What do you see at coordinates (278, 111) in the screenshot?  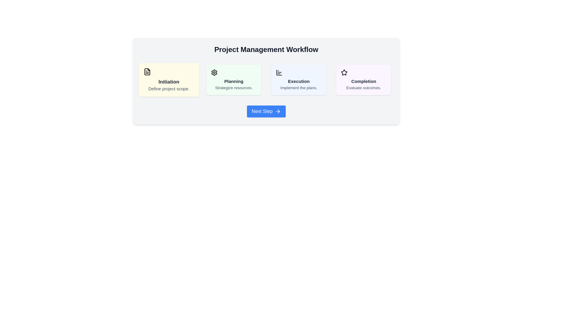 I see `the forward navigation icon located within the blue 'Next Step' button, positioned to the far right of the button's content area` at bounding box center [278, 111].